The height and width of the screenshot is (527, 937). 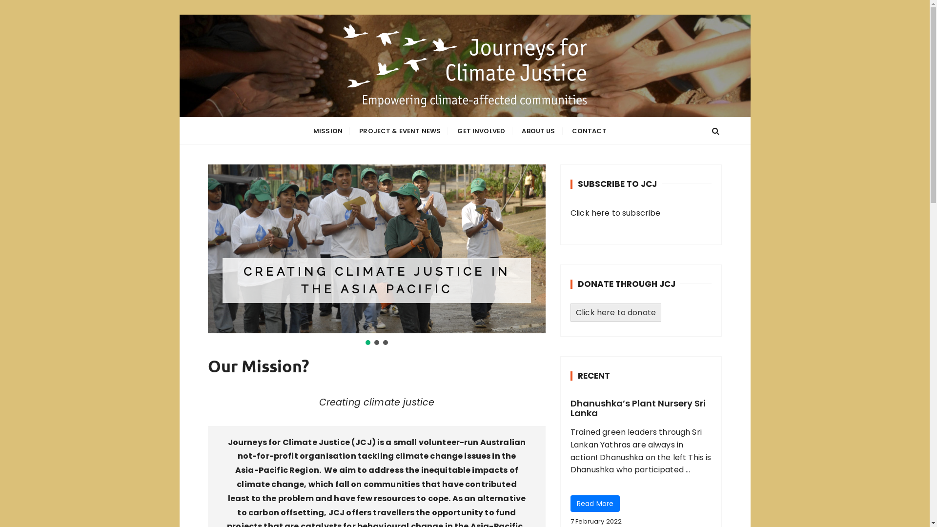 I want to click on 'Read More', so click(x=594, y=504).